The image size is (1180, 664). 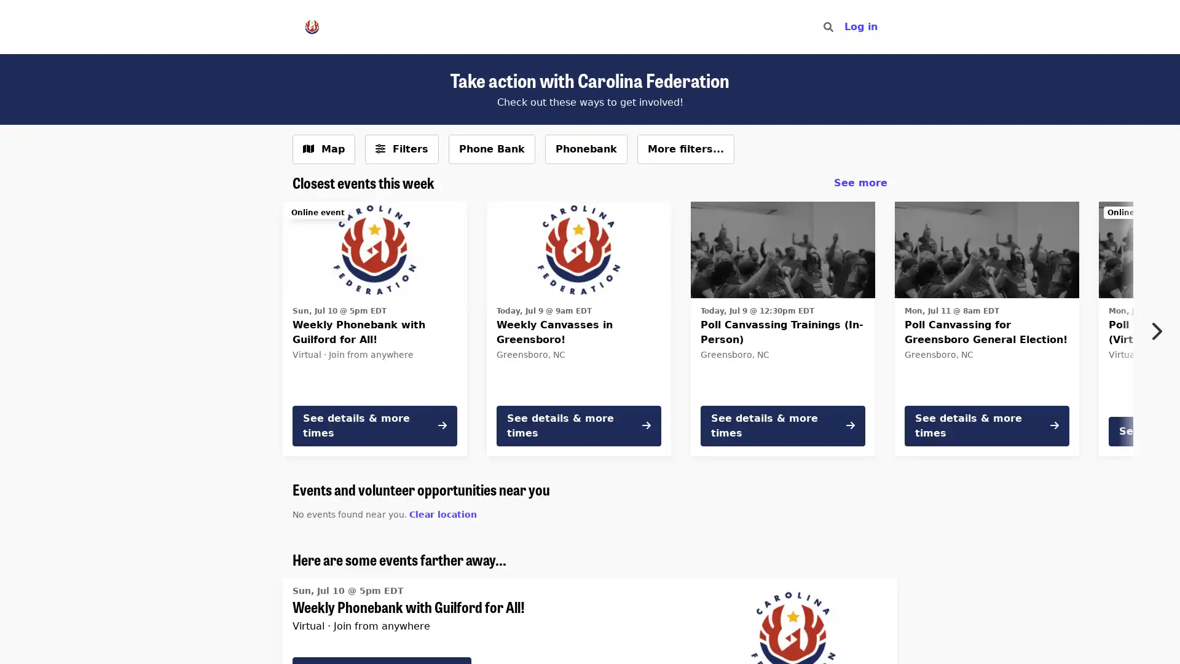 What do you see at coordinates (401, 149) in the screenshot?
I see `More filters (0 selected)` at bounding box center [401, 149].